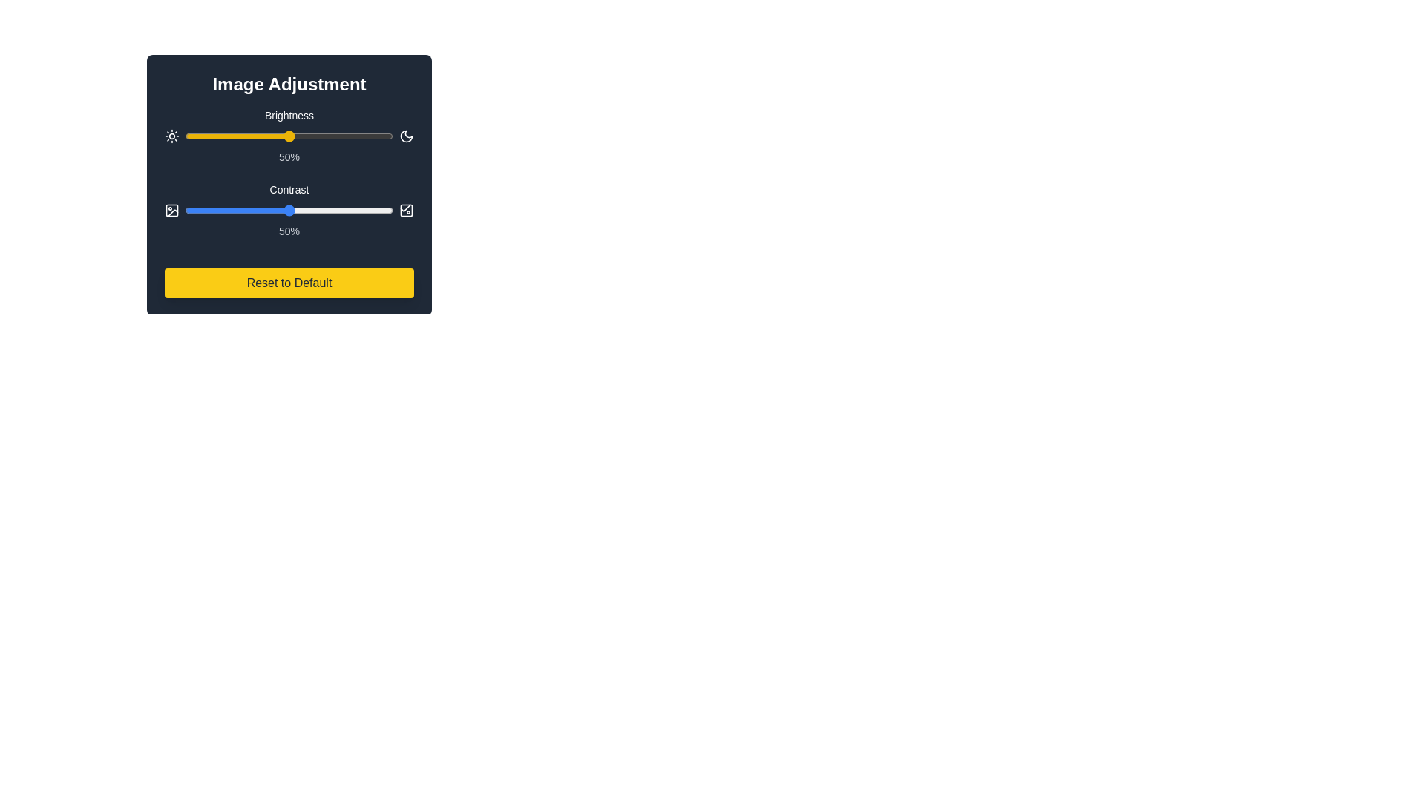  What do you see at coordinates (248, 211) in the screenshot?
I see `the contrast level` at bounding box center [248, 211].